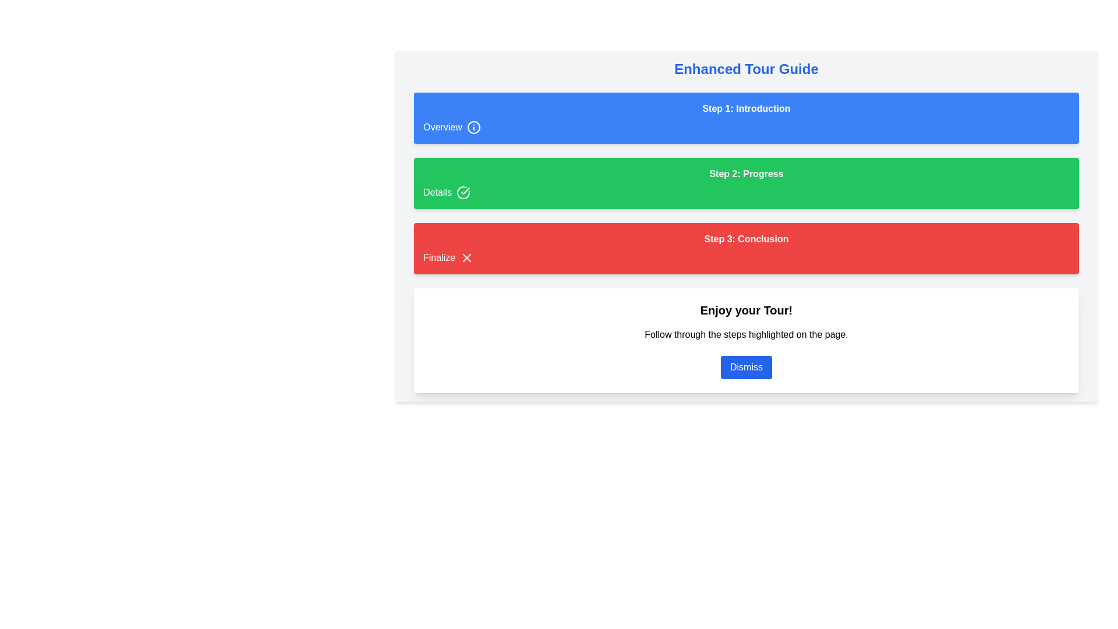  Describe the element at coordinates (746, 118) in the screenshot. I see `the blue rectangular informational section titled 'Step 1: Introduction', which is part of the 'Enhanced Tour Guide' sequence` at that location.